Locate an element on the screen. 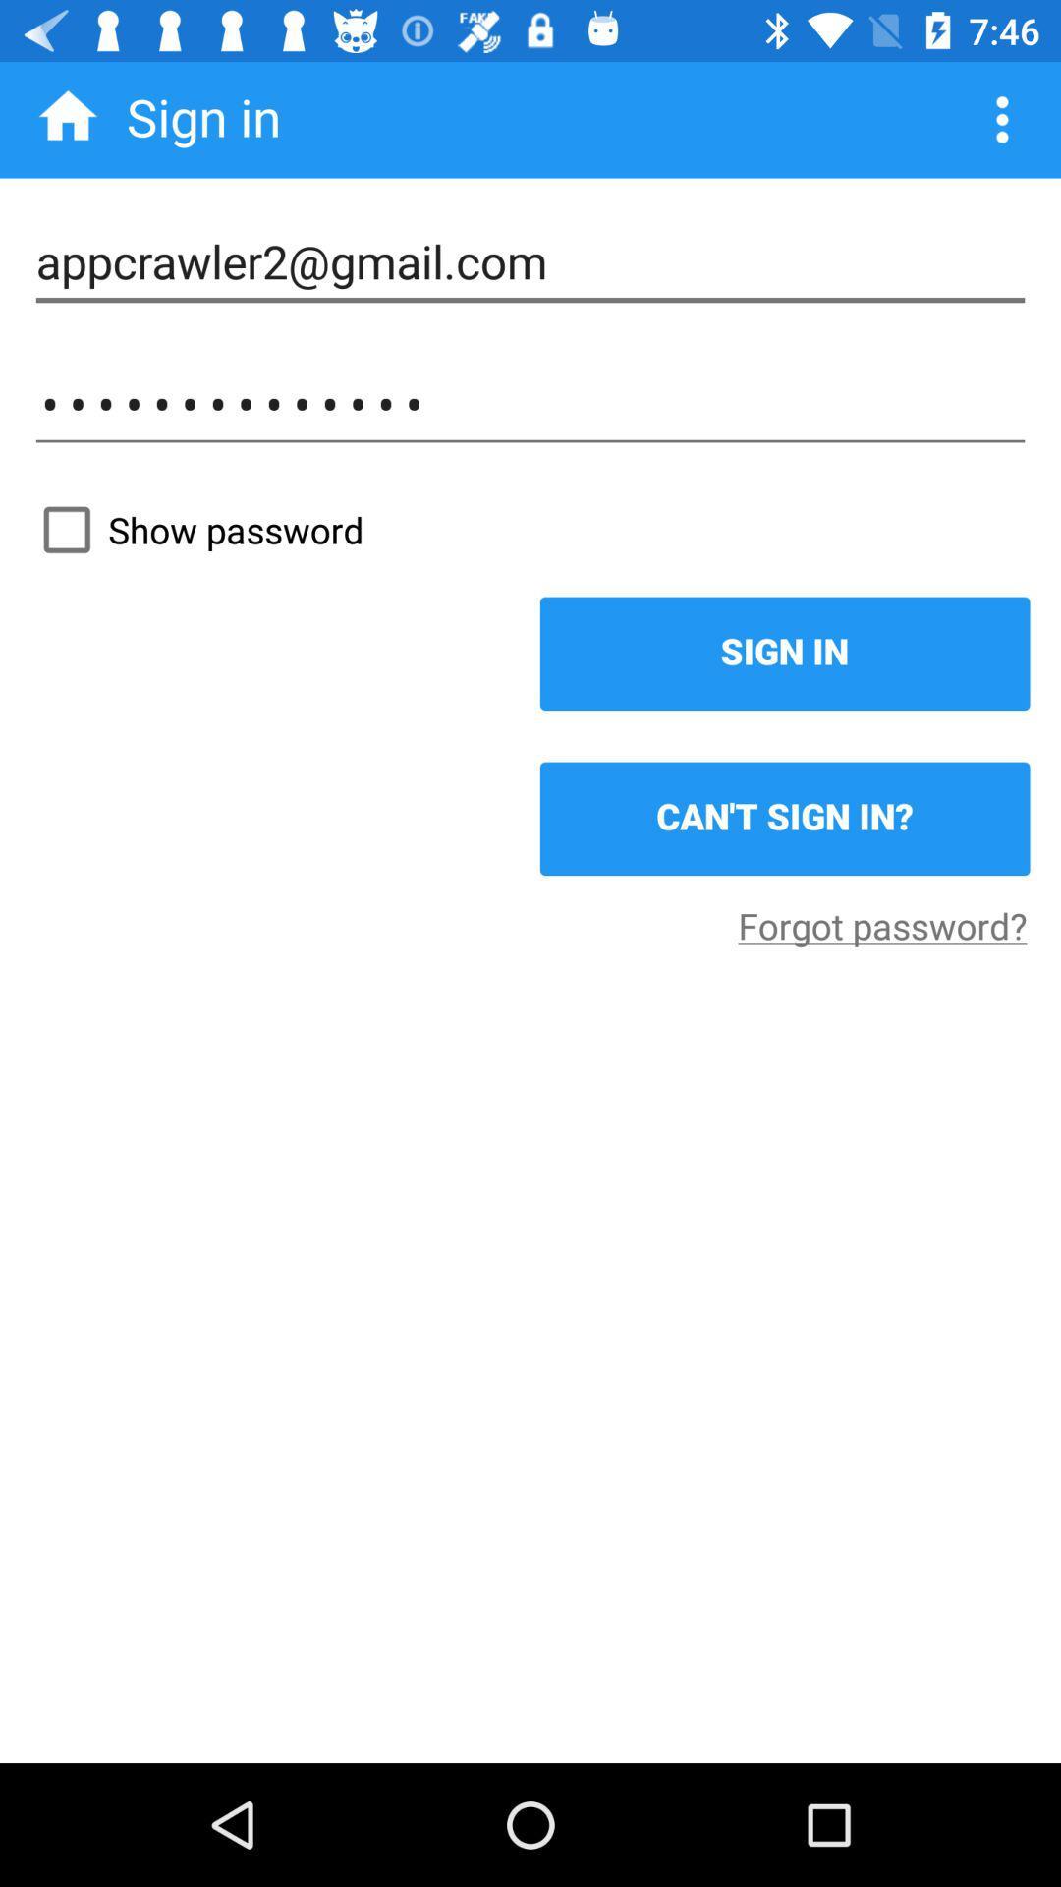 Image resolution: width=1061 pixels, height=1887 pixels. the show password icon is located at coordinates (530, 530).